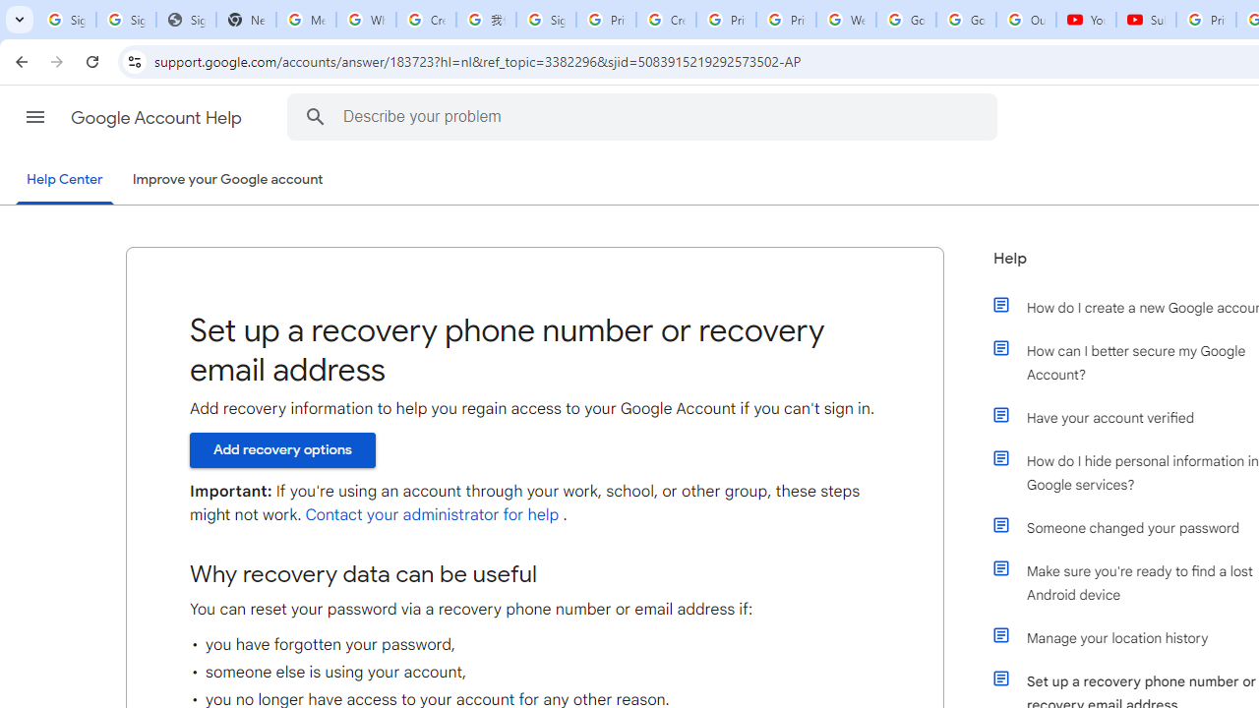 Image resolution: width=1259 pixels, height=708 pixels. What do you see at coordinates (227, 180) in the screenshot?
I see `'Improve your Google account'` at bounding box center [227, 180].